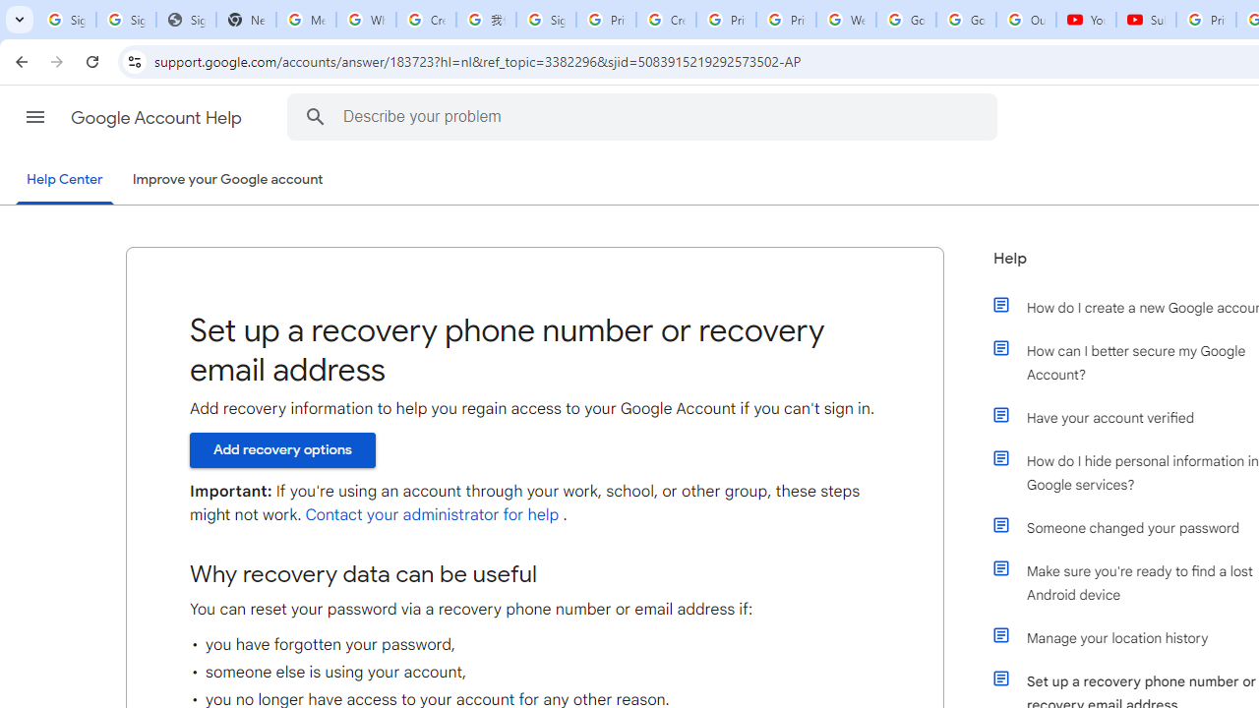 Image resolution: width=1259 pixels, height=708 pixels. What do you see at coordinates (227, 180) in the screenshot?
I see `'Improve your Google account'` at bounding box center [227, 180].